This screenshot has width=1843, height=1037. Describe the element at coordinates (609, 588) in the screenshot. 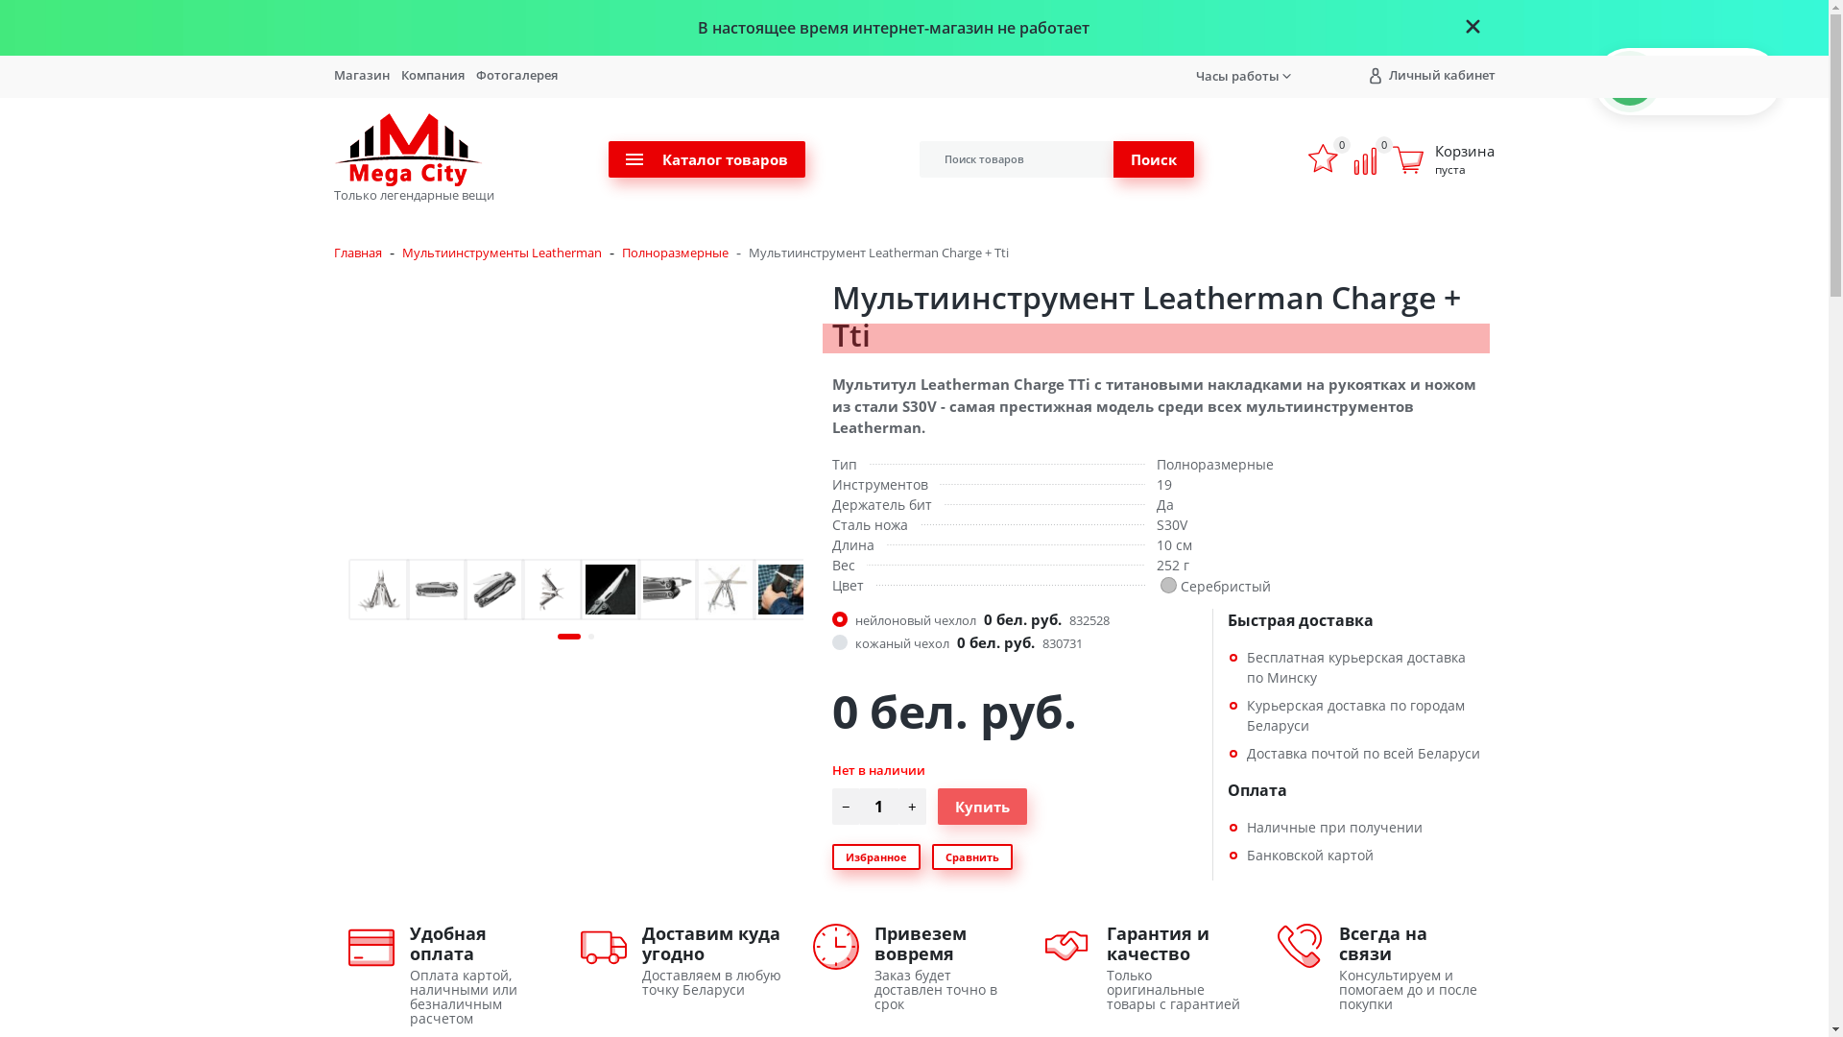

I see `'tl_xti_hook_enl.jpg'` at that location.